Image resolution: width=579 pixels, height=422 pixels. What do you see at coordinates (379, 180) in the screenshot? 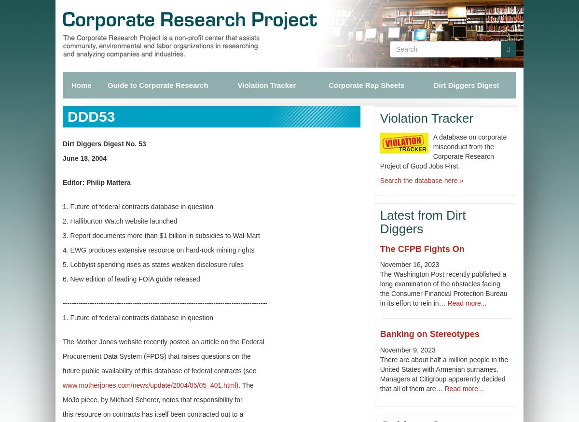
I see `'Search the database here »'` at bounding box center [379, 180].